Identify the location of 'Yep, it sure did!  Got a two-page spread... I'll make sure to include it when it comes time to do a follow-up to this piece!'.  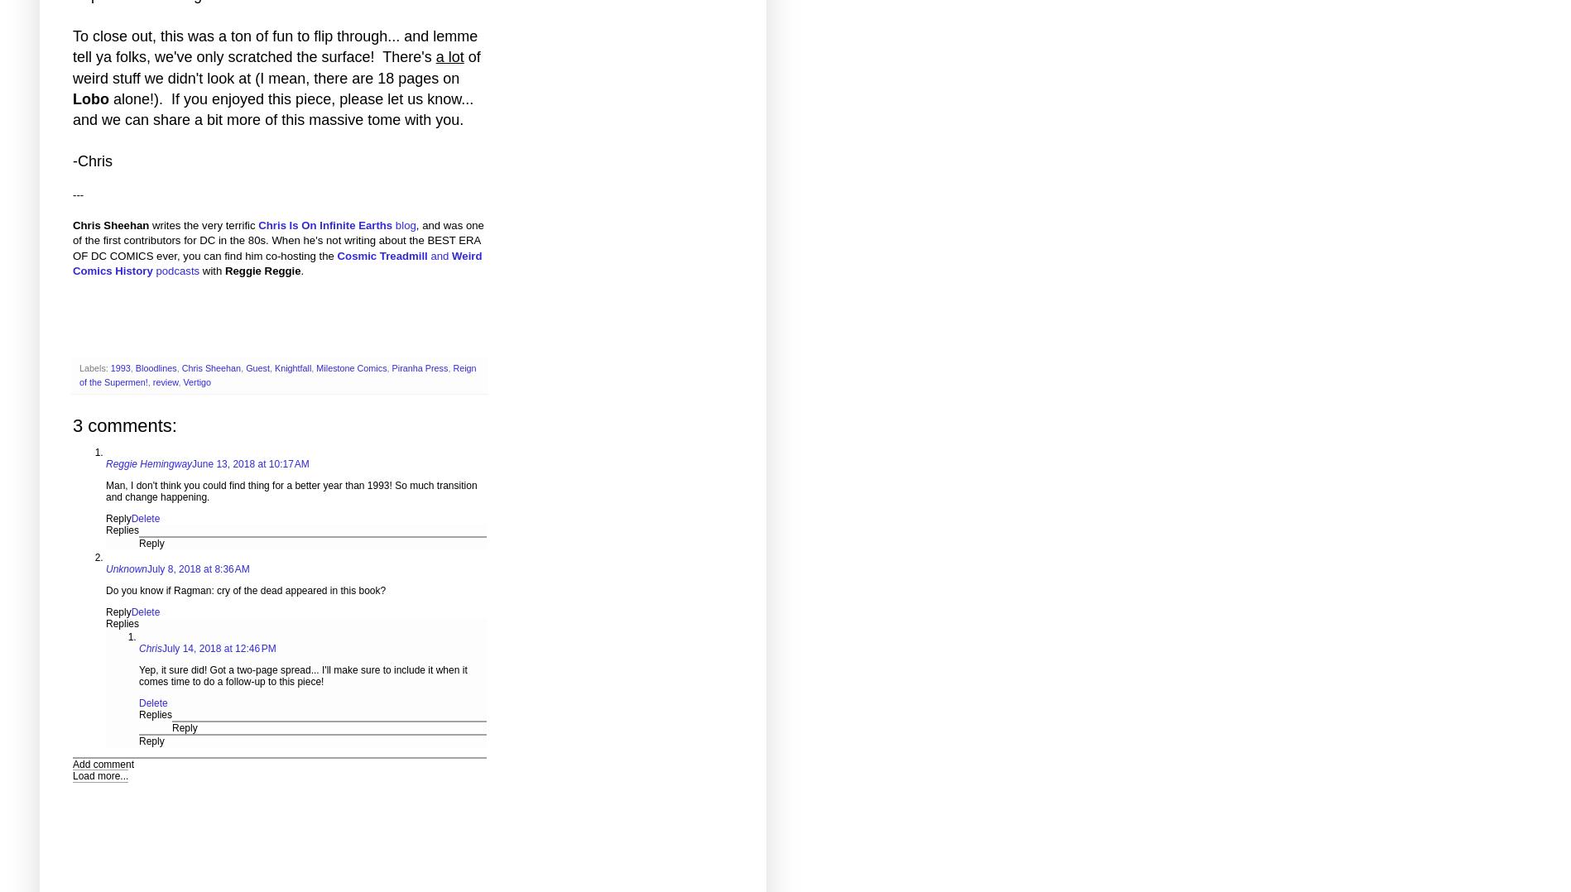
(302, 676).